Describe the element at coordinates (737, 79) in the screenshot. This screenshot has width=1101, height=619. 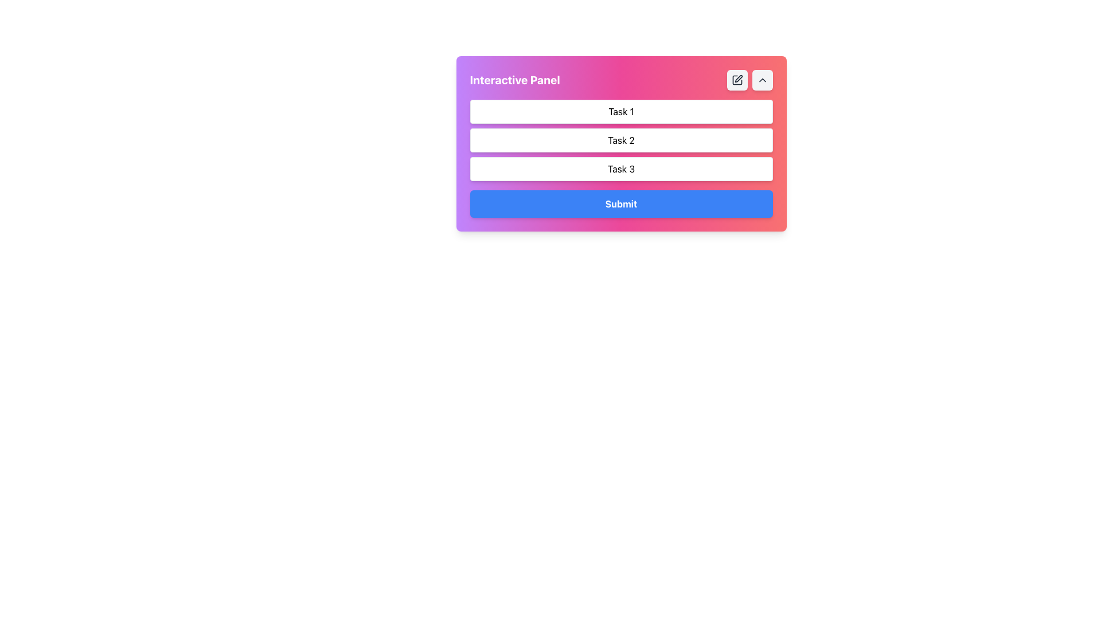
I see `the square-shaped icon with a hollow interior and a border located at the top-right corner of the 'Interactive Panel', adjacent` at that location.